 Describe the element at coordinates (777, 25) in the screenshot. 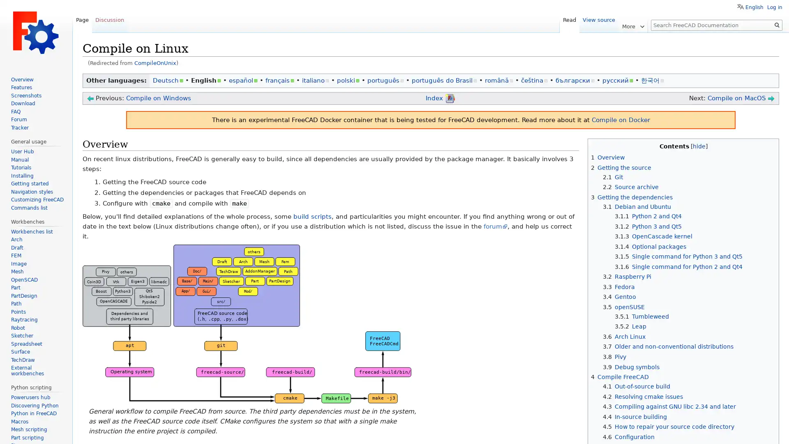

I see `Search` at that location.